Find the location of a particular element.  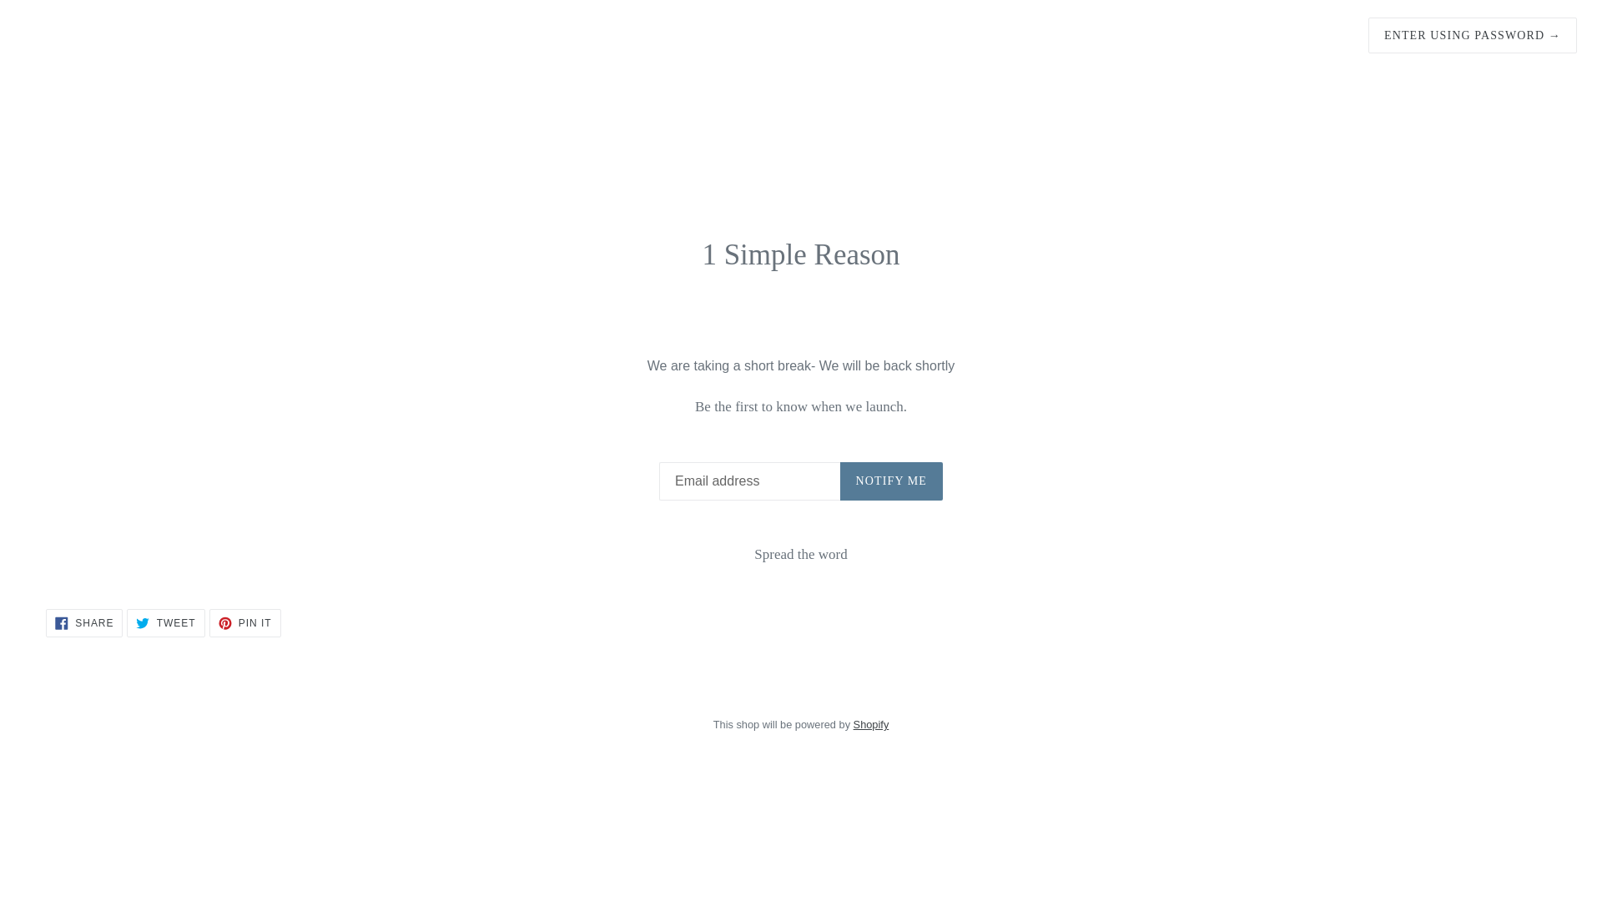

'NOTIFY ME' is located at coordinates (890, 481).